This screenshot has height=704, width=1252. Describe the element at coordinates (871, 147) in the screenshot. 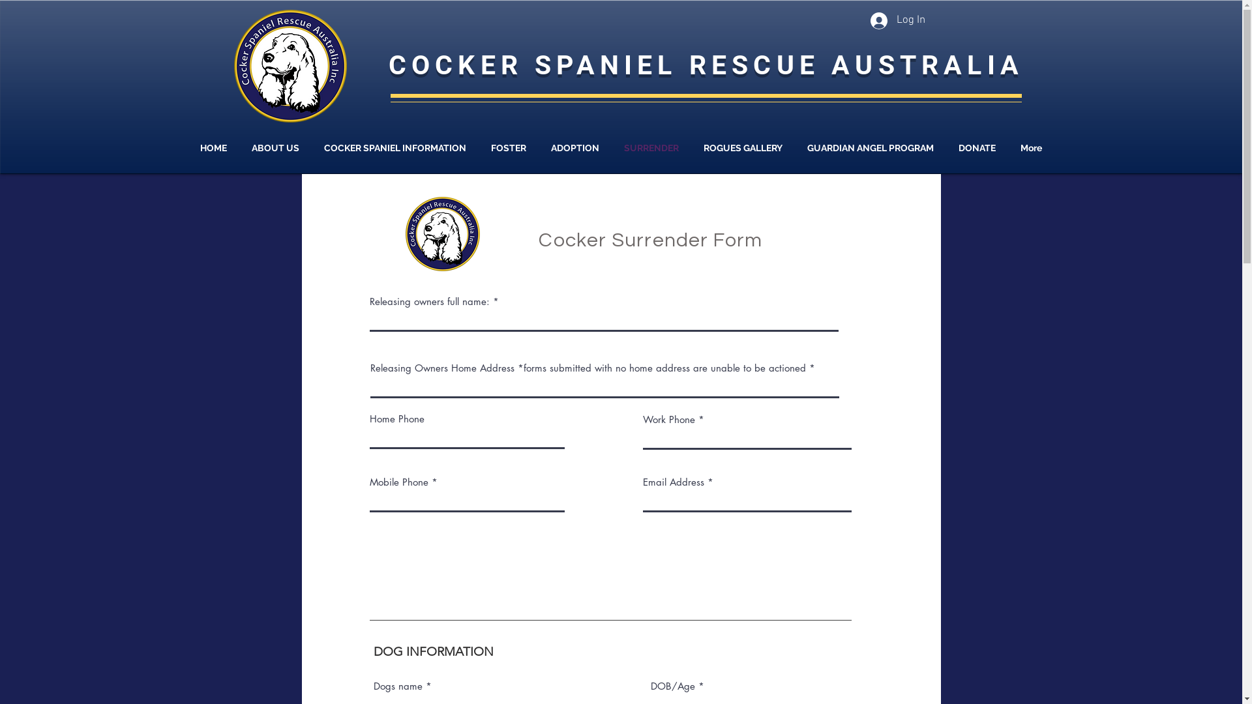

I see `'GUARDIAN ANGEL PROGRAM'` at that location.